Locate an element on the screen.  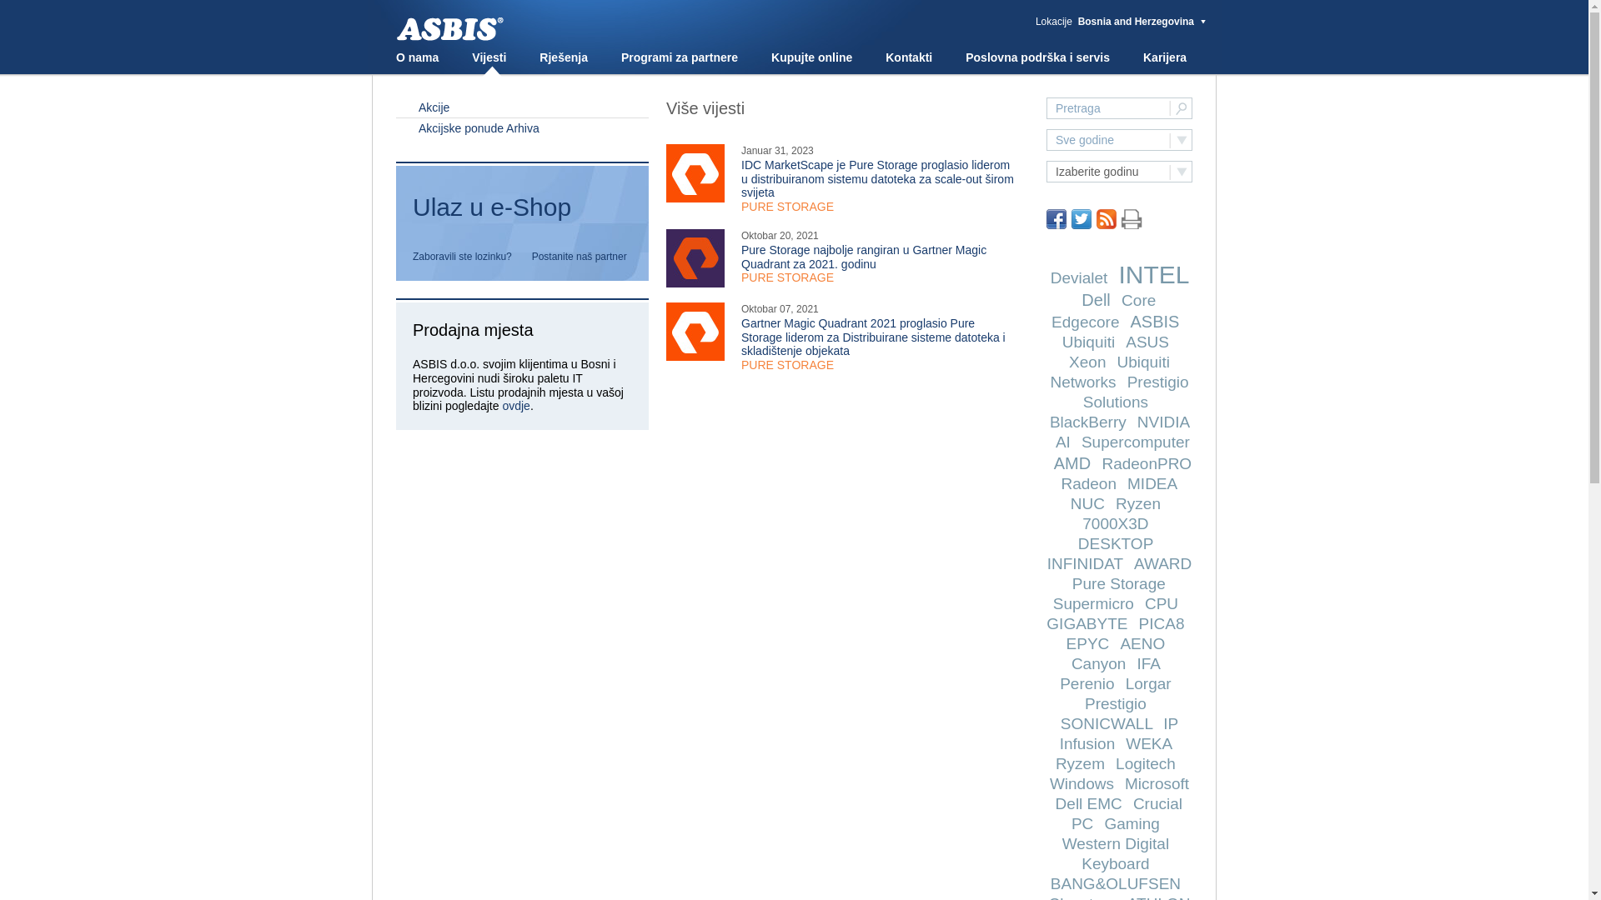
'Vijesti' is located at coordinates (488, 57).